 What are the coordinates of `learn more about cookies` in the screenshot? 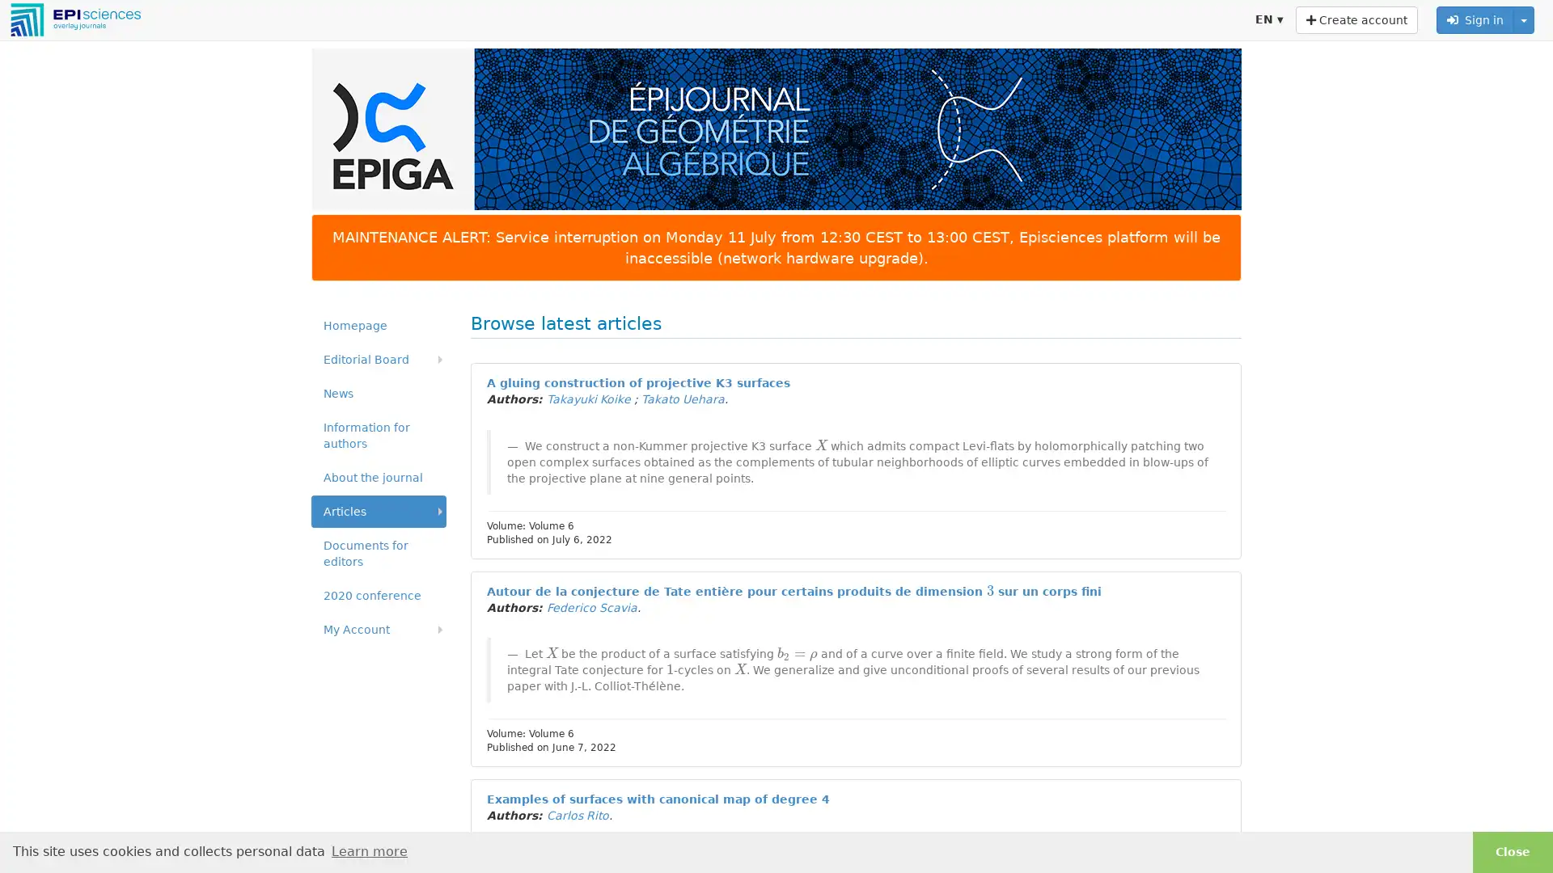 It's located at (368, 850).